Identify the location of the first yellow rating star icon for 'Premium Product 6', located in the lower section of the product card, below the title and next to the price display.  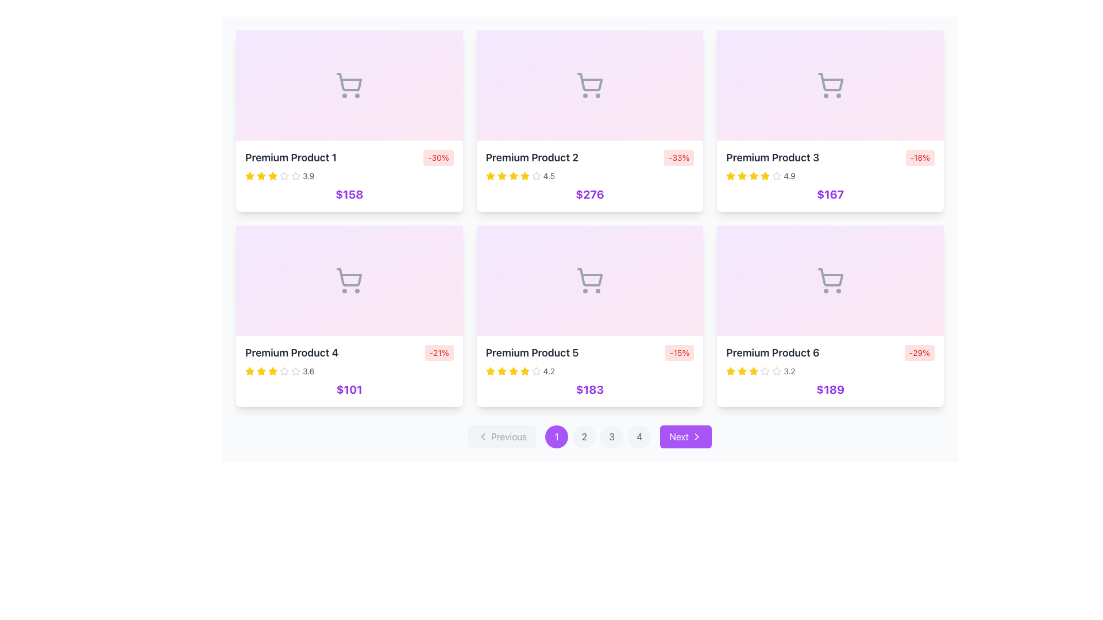
(754, 371).